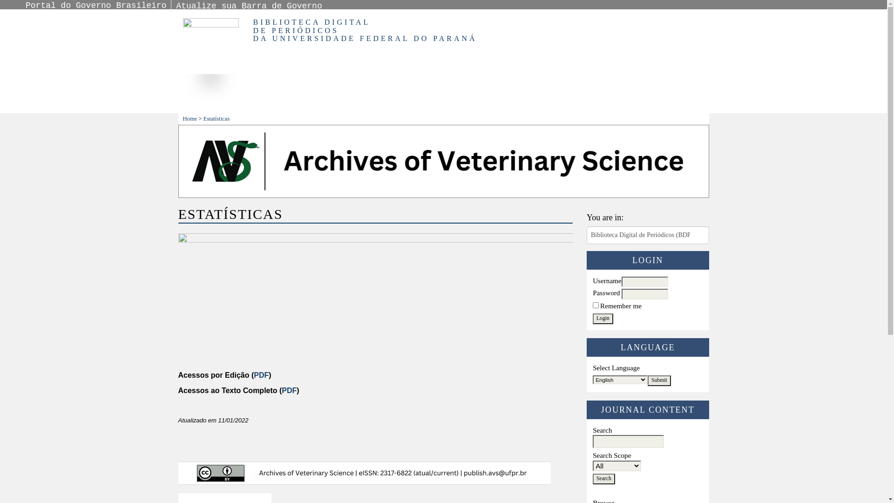  What do you see at coordinates (603, 318) in the screenshot?
I see `'Login'` at bounding box center [603, 318].